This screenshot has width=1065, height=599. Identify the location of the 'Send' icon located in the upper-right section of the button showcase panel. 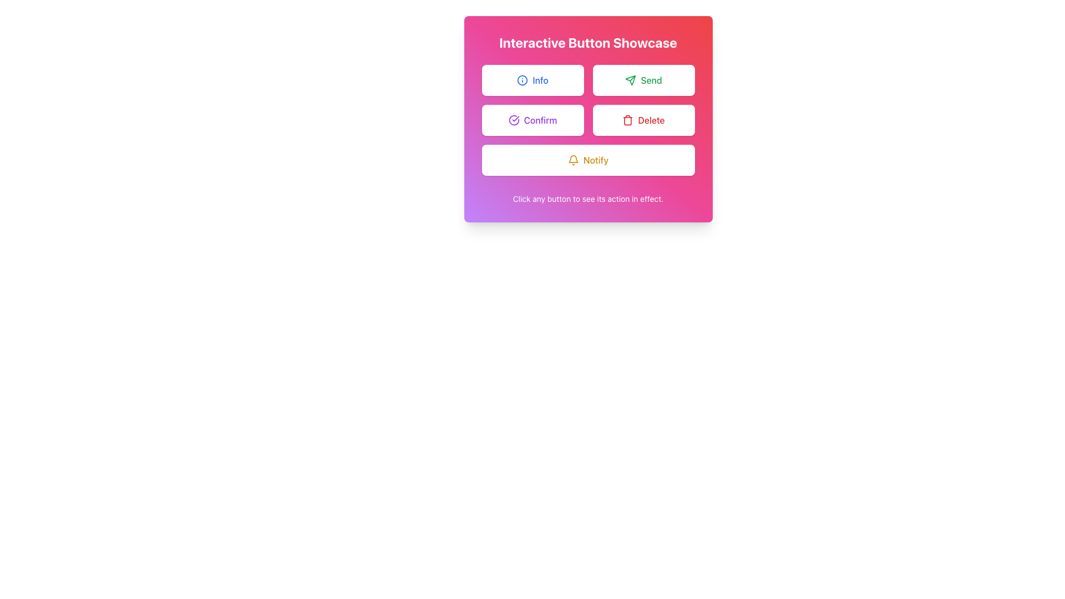
(631, 80).